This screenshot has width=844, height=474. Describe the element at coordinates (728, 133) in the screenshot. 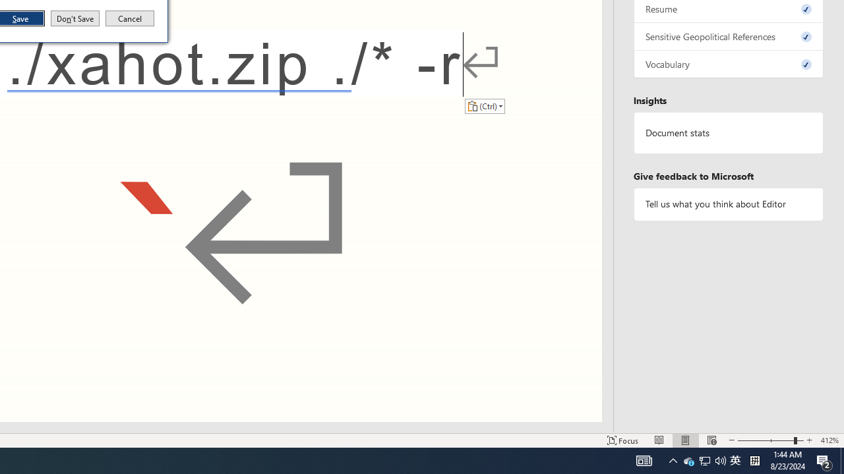

I see `'Document statistics'` at that location.